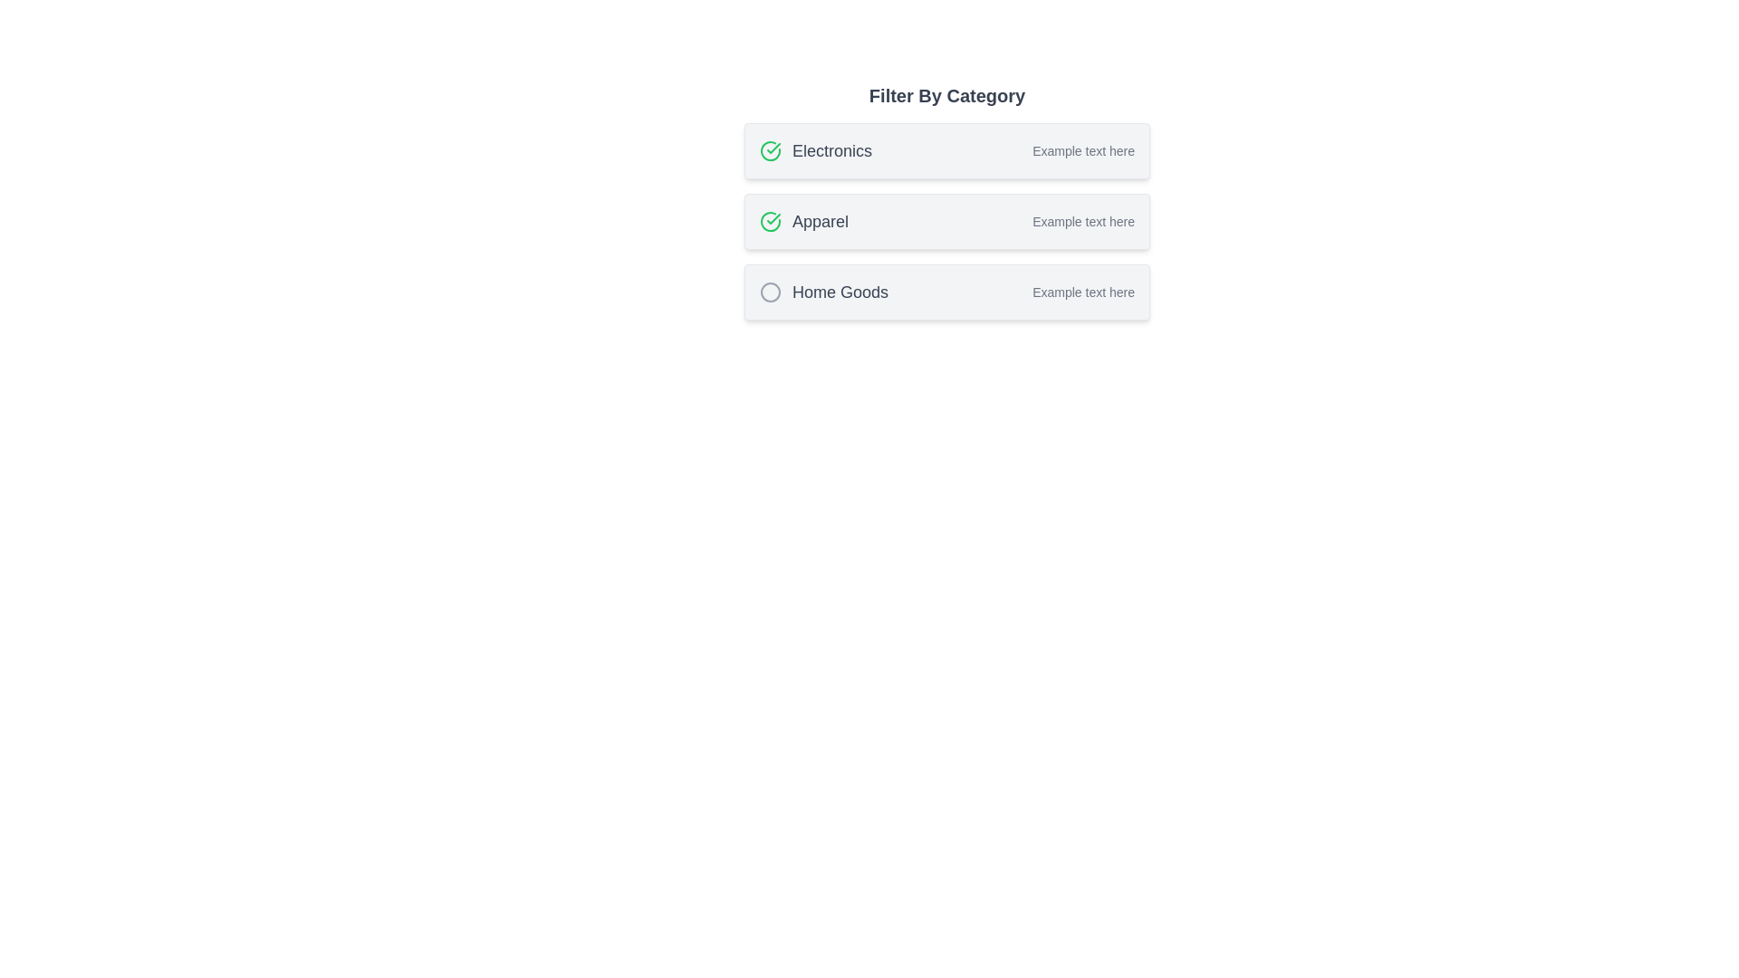 Image resolution: width=1739 pixels, height=978 pixels. Describe the element at coordinates (803, 221) in the screenshot. I see `the 'Apparel' Text Label, which is the second entry in a vertically stacked list of categories in a bordered and rounded background` at that location.